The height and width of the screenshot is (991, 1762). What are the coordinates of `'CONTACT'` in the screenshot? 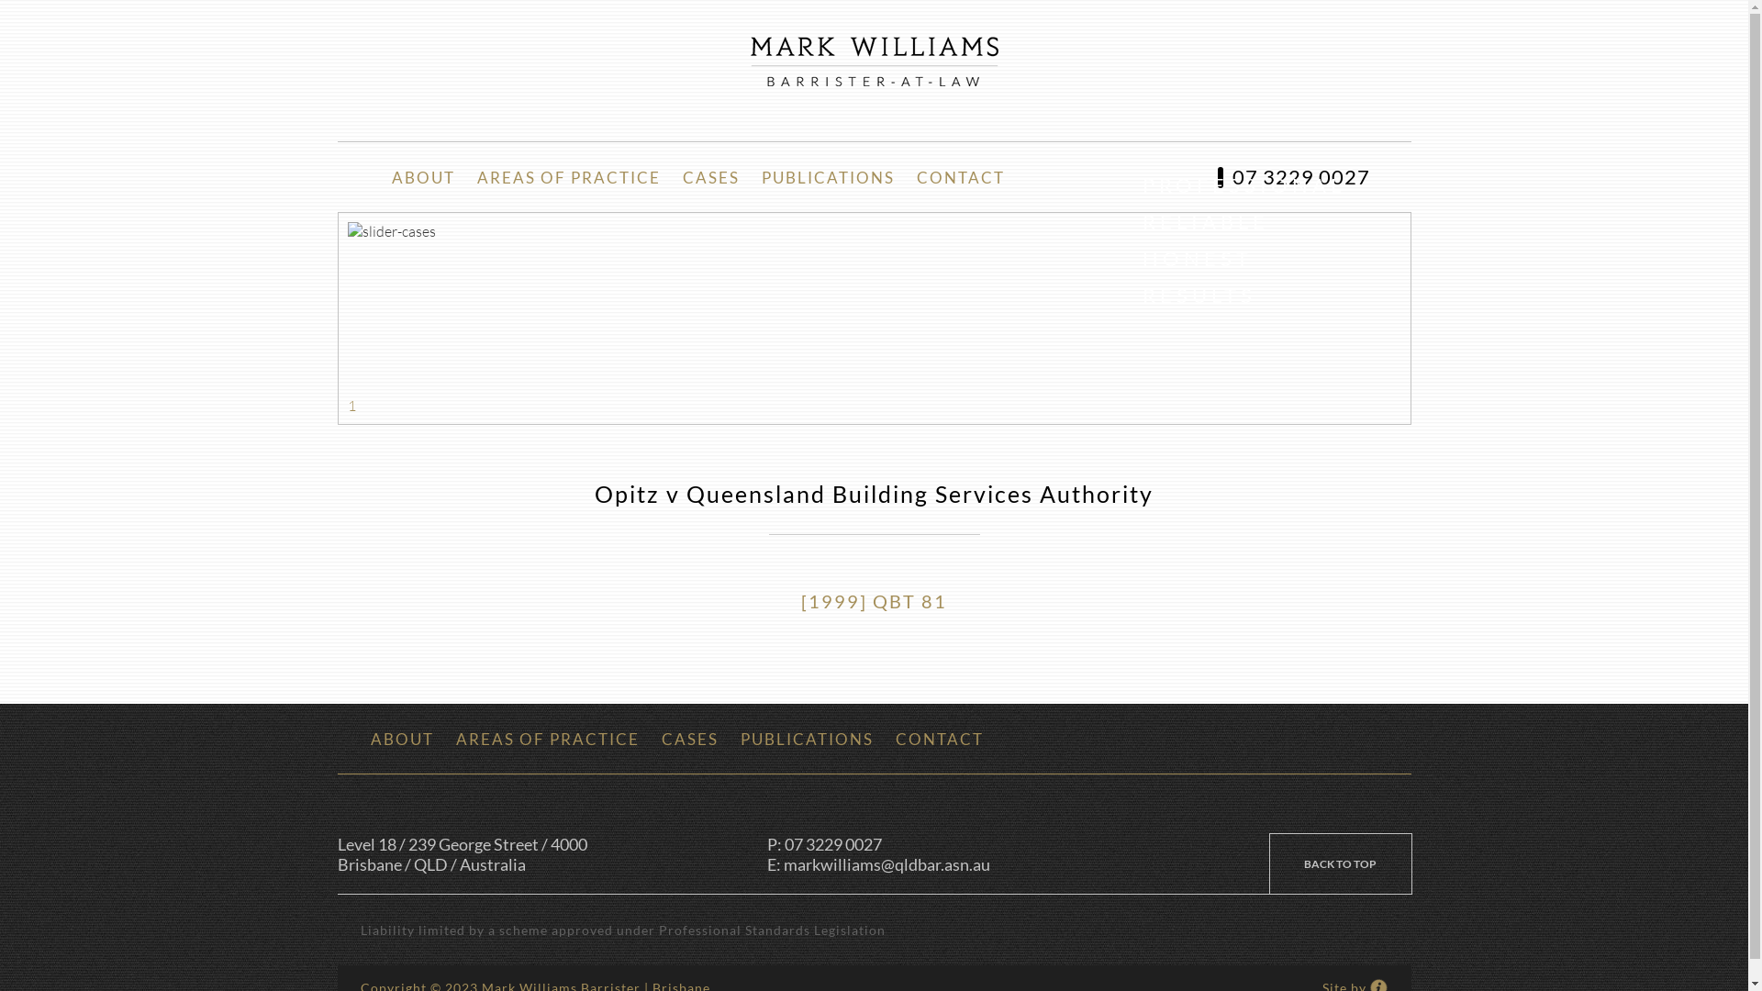 It's located at (959, 176).